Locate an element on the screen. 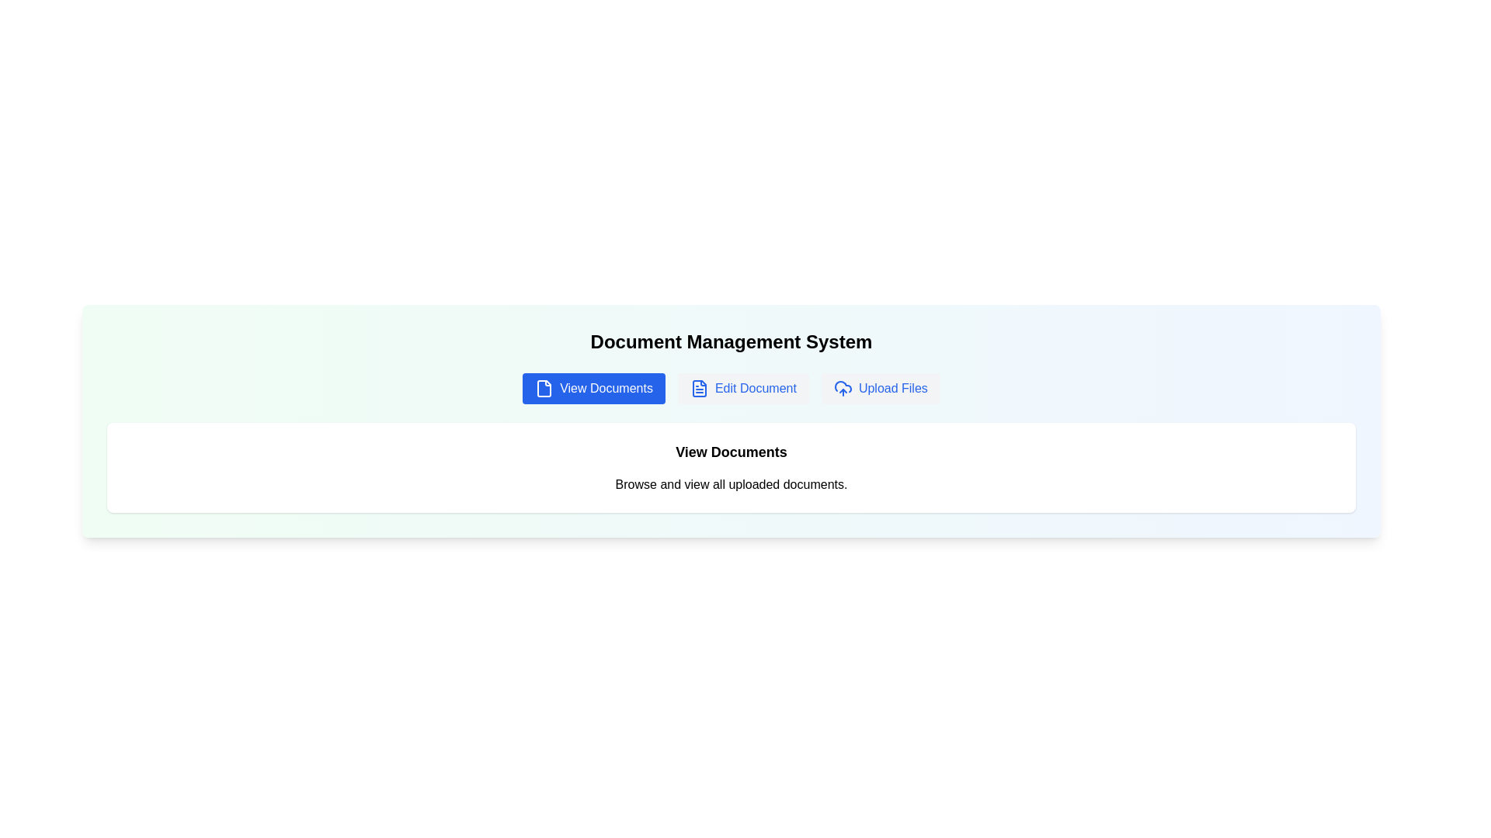  the tab labeled Upload Files is located at coordinates (880, 388).